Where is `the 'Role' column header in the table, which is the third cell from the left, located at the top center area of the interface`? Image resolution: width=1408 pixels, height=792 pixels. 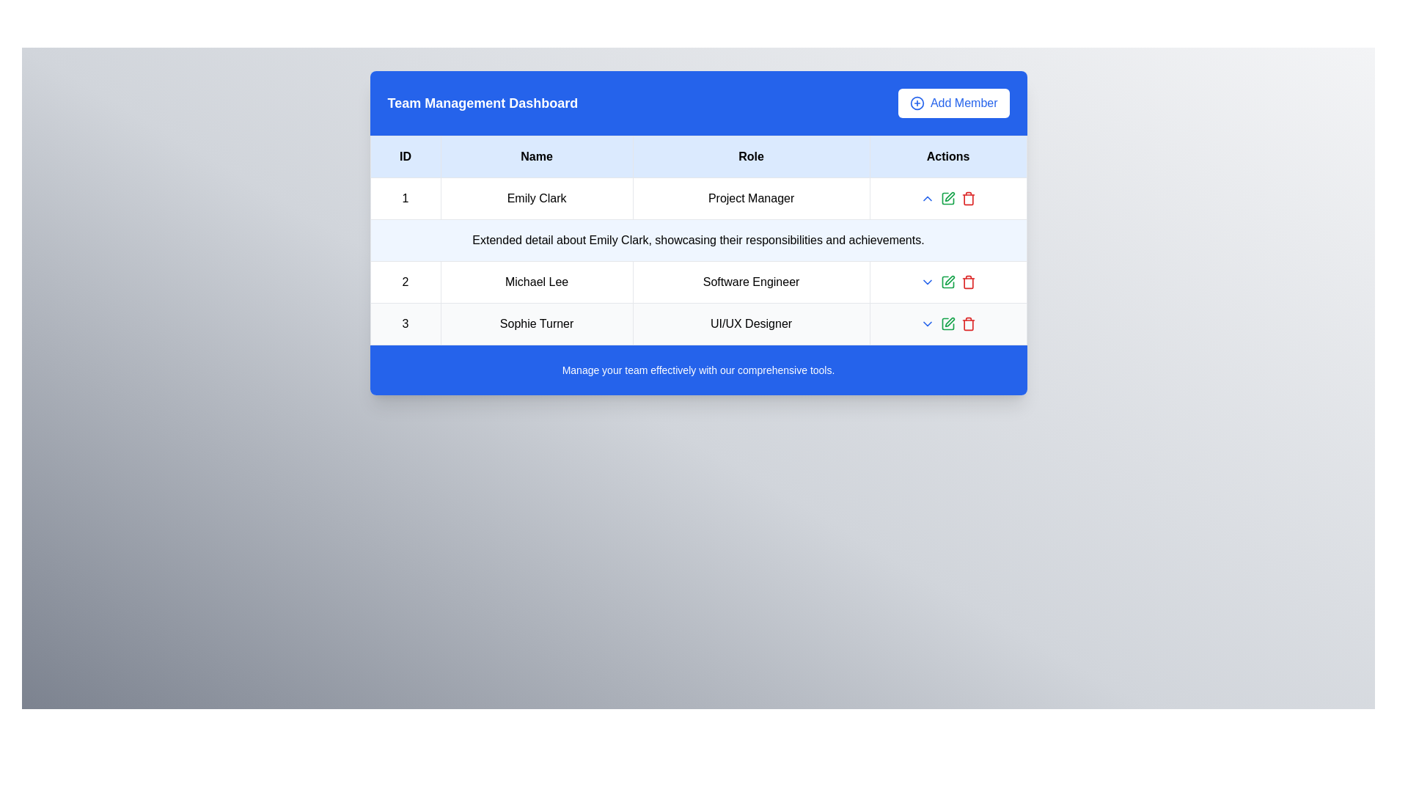
the 'Role' column header in the table, which is the third cell from the left, located at the top center area of the interface is located at coordinates (751, 156).